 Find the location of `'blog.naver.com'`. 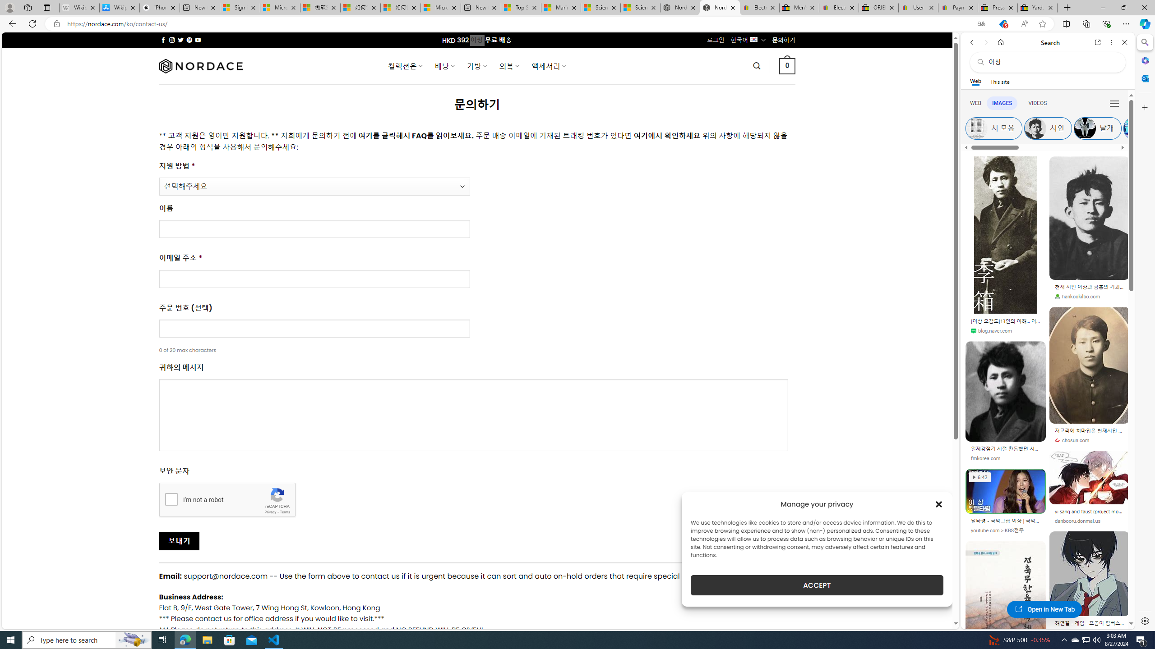

'blog.naver.com' is located at coordinates (991, 331).